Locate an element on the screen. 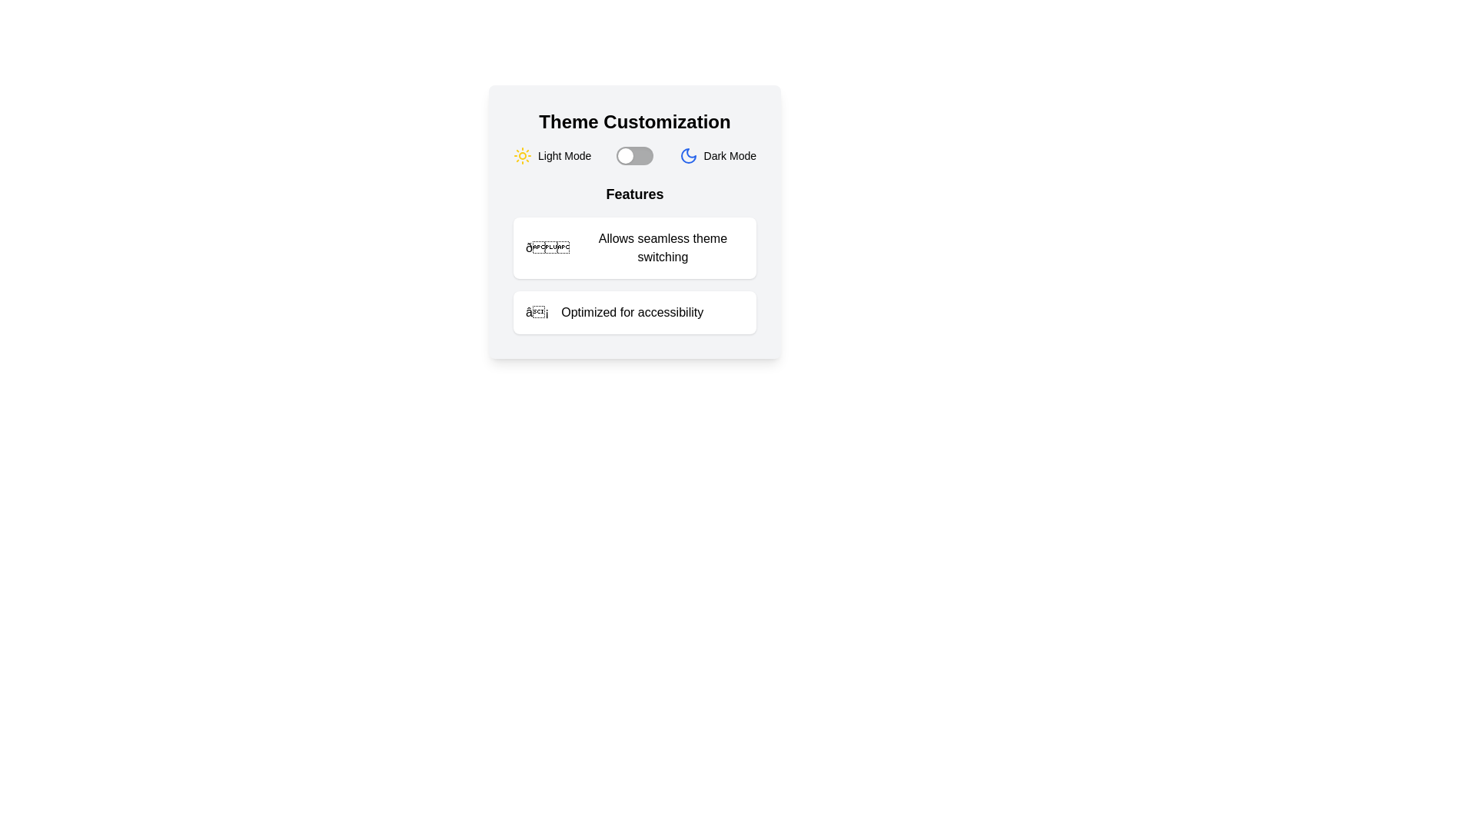 The width and height of the screenshot is (1476, 830). the blue crescent moon icon is located at coordinates (687, 156).